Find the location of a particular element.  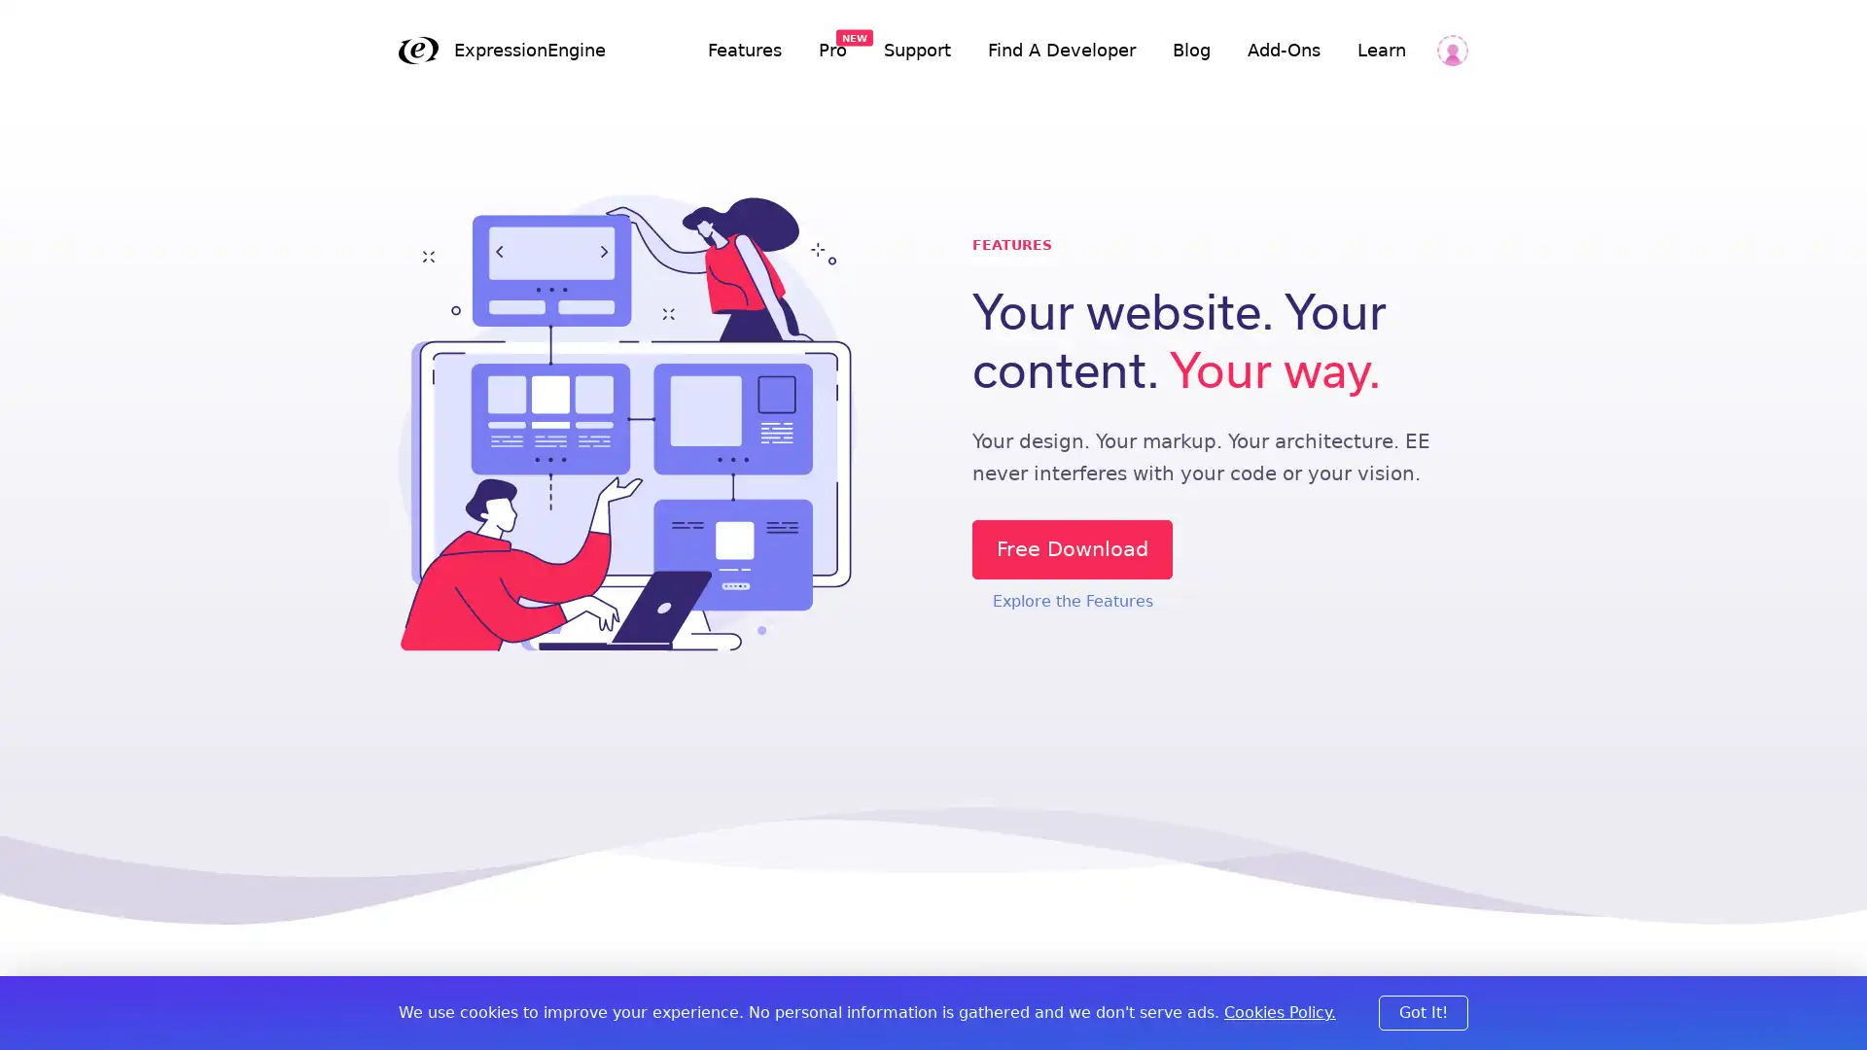

Got It! is located at coordinates (1424, 1011).